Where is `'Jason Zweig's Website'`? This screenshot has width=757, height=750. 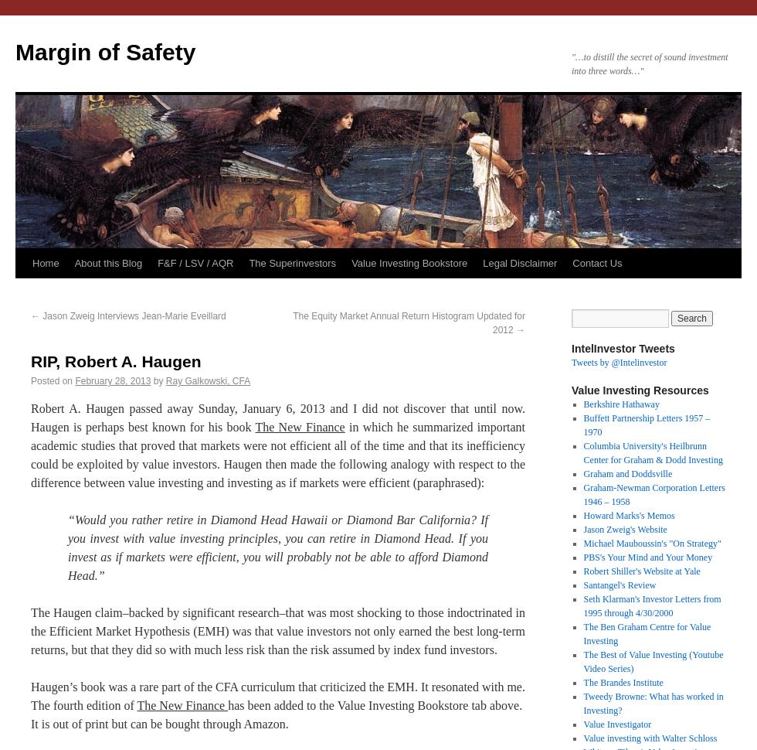 'Jason Zweig's Website' is located at coordinates (582, 530).